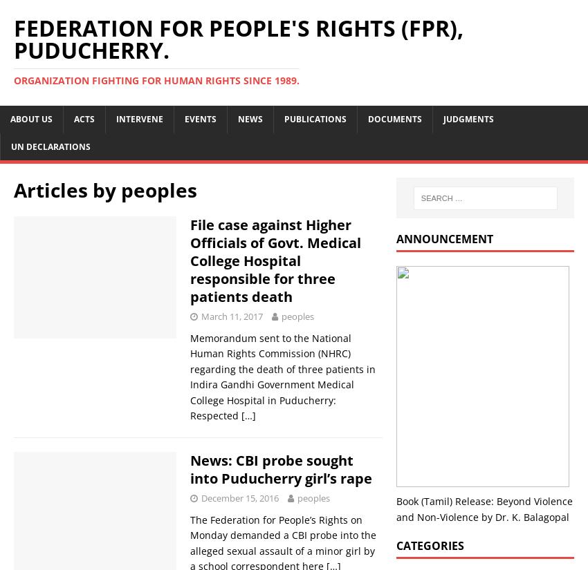 Image resolution: width=588 pixels, height=570 pixels. What do you see at coordinates (66, 188) in the screenshot?
I see `'Articles by'` at bounding box center [66, 188].